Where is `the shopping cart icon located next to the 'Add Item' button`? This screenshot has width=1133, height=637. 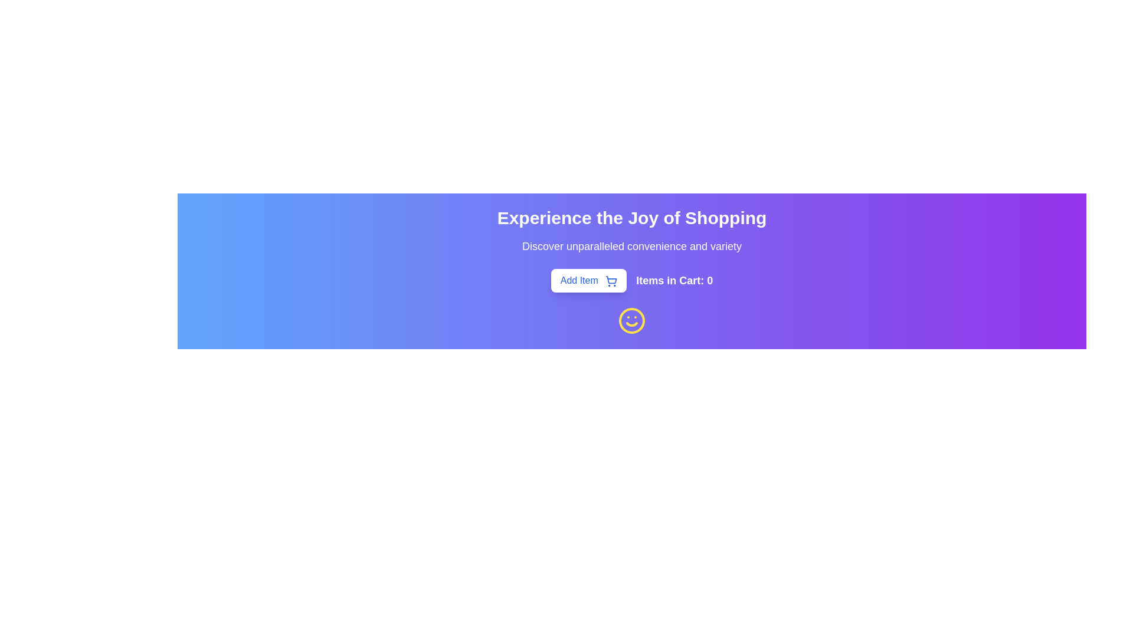
the shopping cart icon located next to the 'Add Item' button is located at coordinates (611, 280).